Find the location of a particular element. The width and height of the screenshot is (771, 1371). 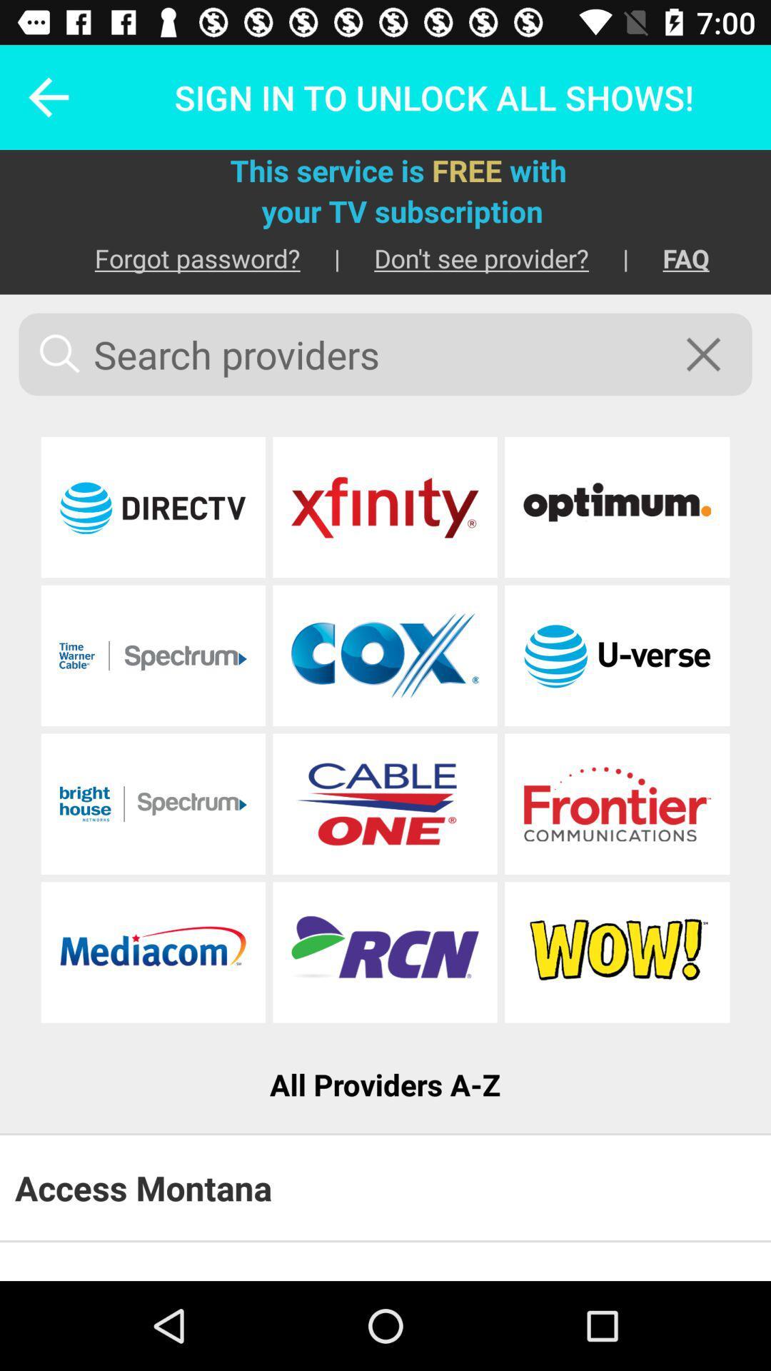

connect to directv account is located at coordinates (153, 507).